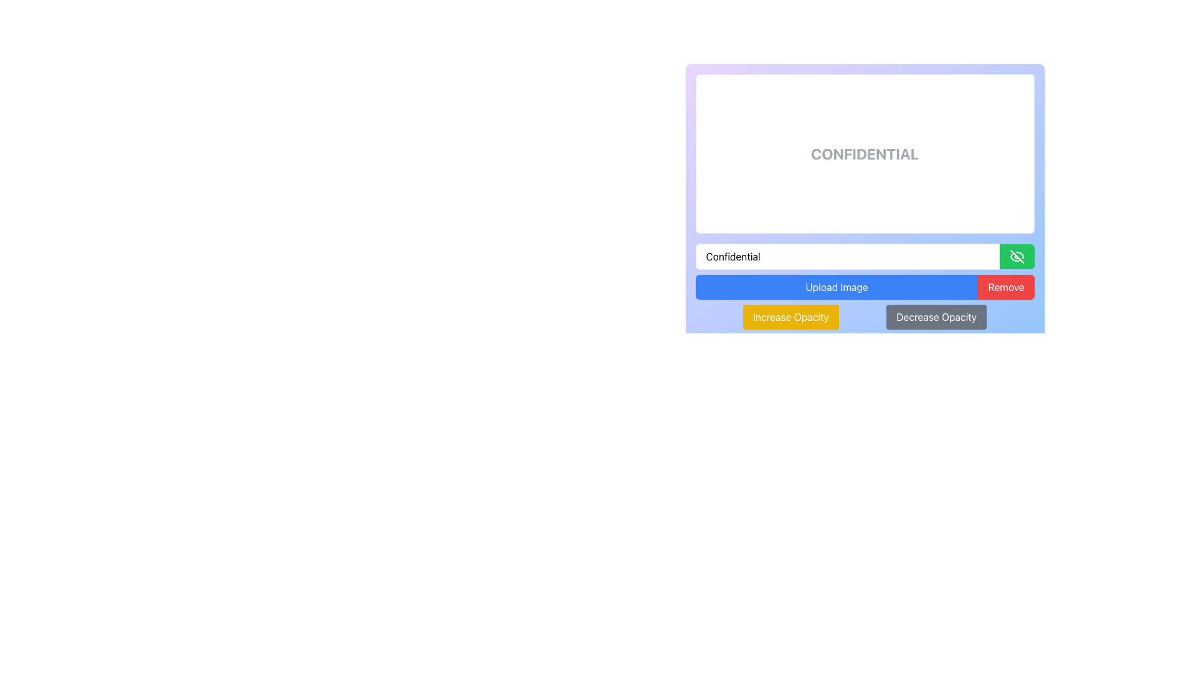 This screenshot has width=1196, height=673. Describe the element at coordinates (1017, 256) in the screenshot. I see `the button at the far-right of the 'Confidential' input field` at that location.